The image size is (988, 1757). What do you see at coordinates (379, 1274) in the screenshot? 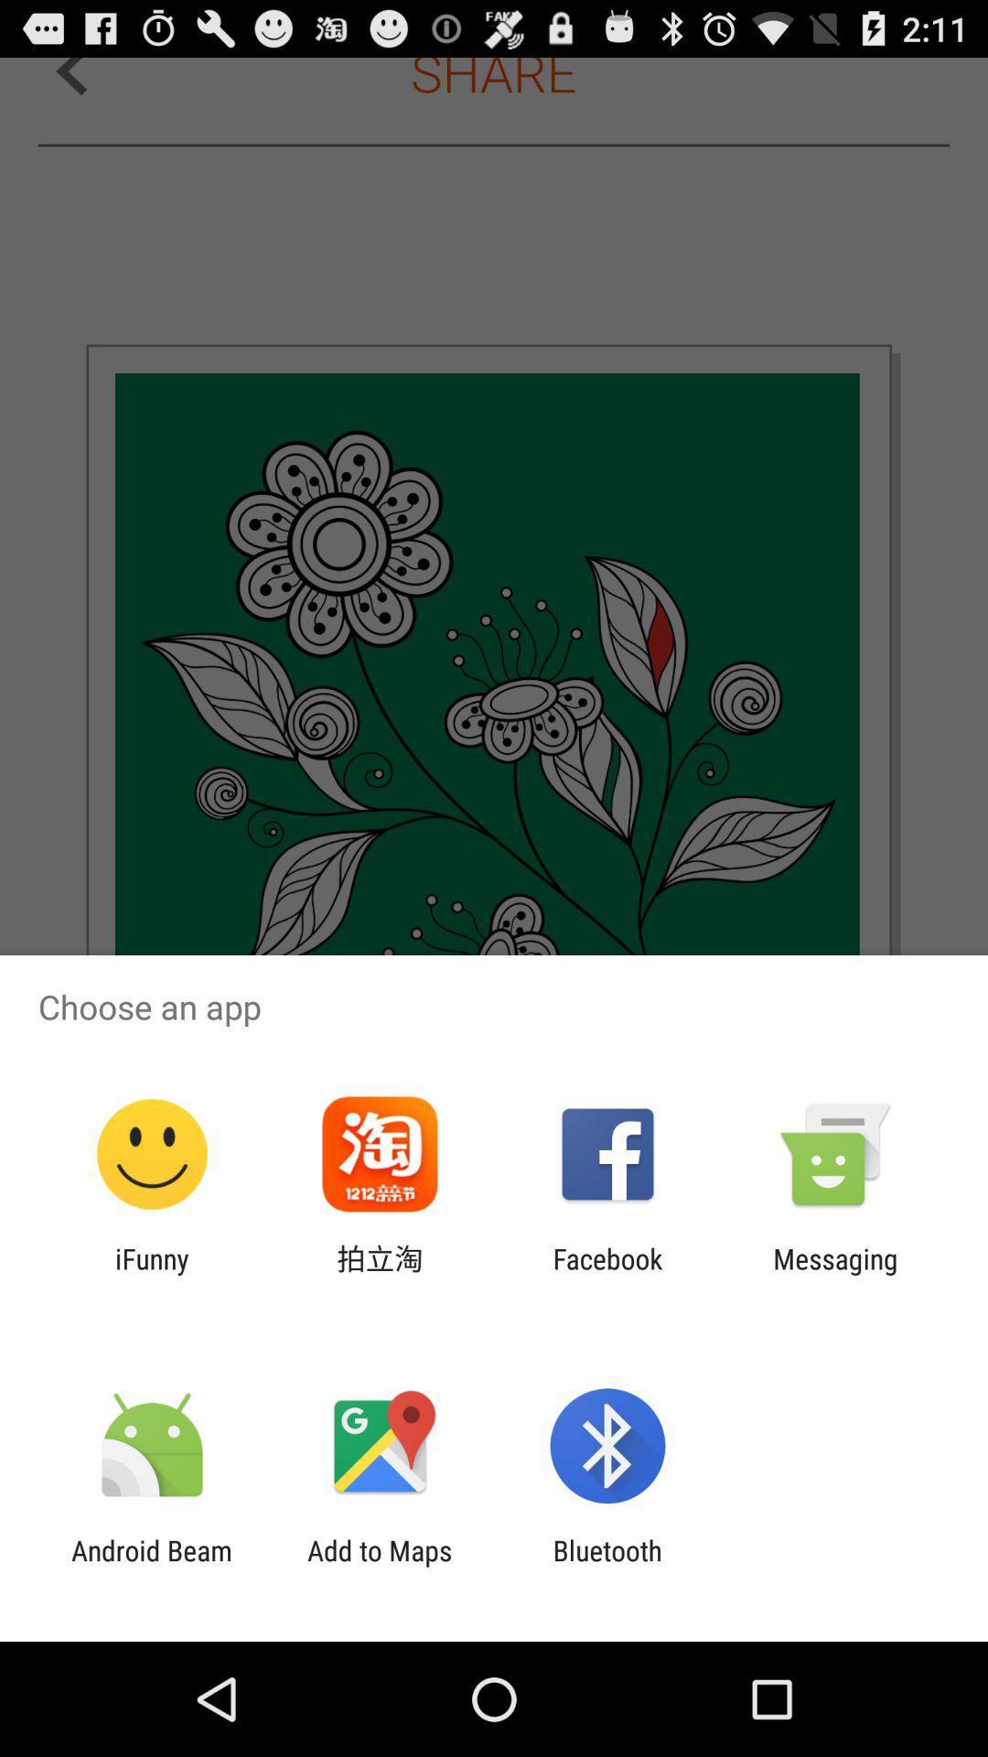
I see `item to the right of the ifunny item` at bounding box center [379, 1274].